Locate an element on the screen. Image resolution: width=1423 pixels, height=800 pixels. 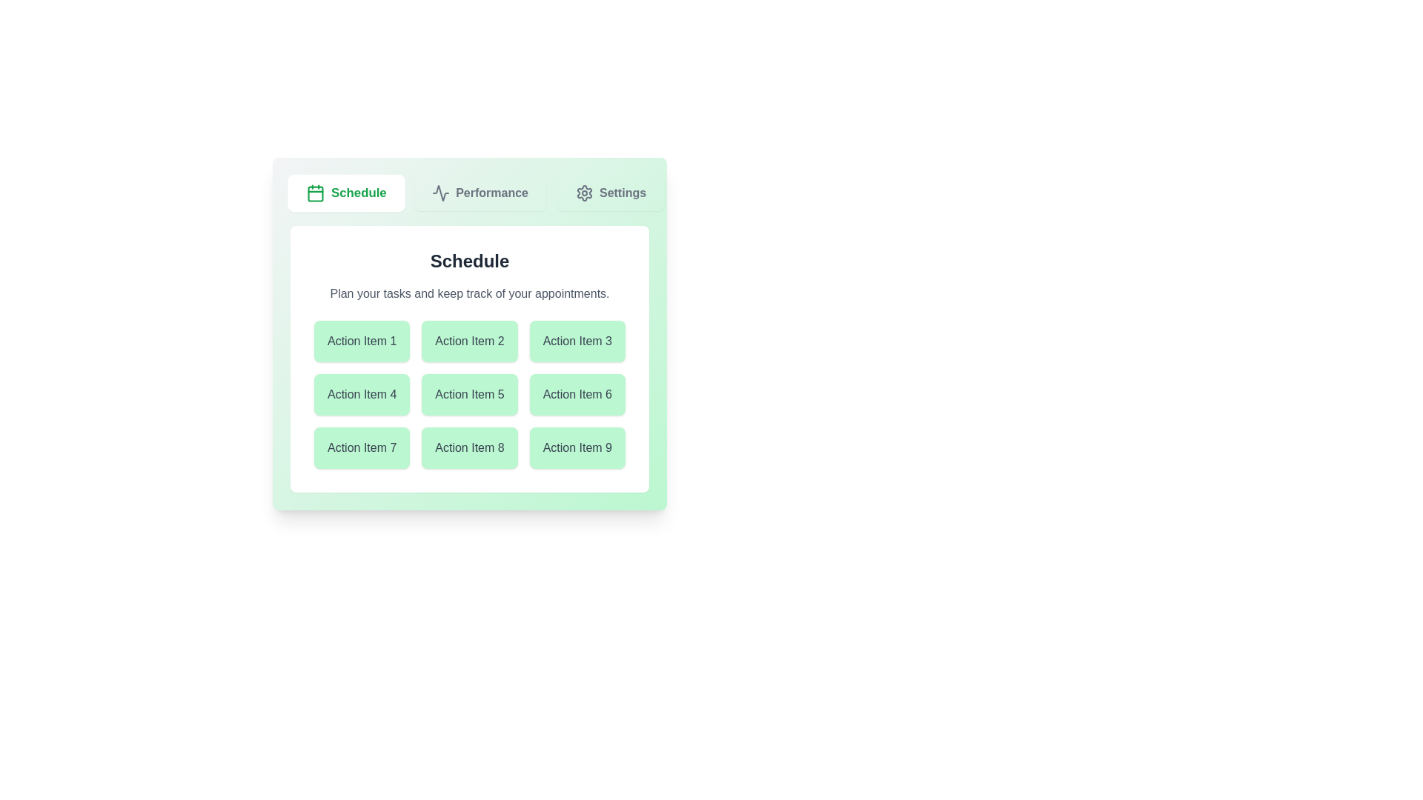
the icon associated with the 'Schedule' tab to inspect it is located at coordinates (315, 193).